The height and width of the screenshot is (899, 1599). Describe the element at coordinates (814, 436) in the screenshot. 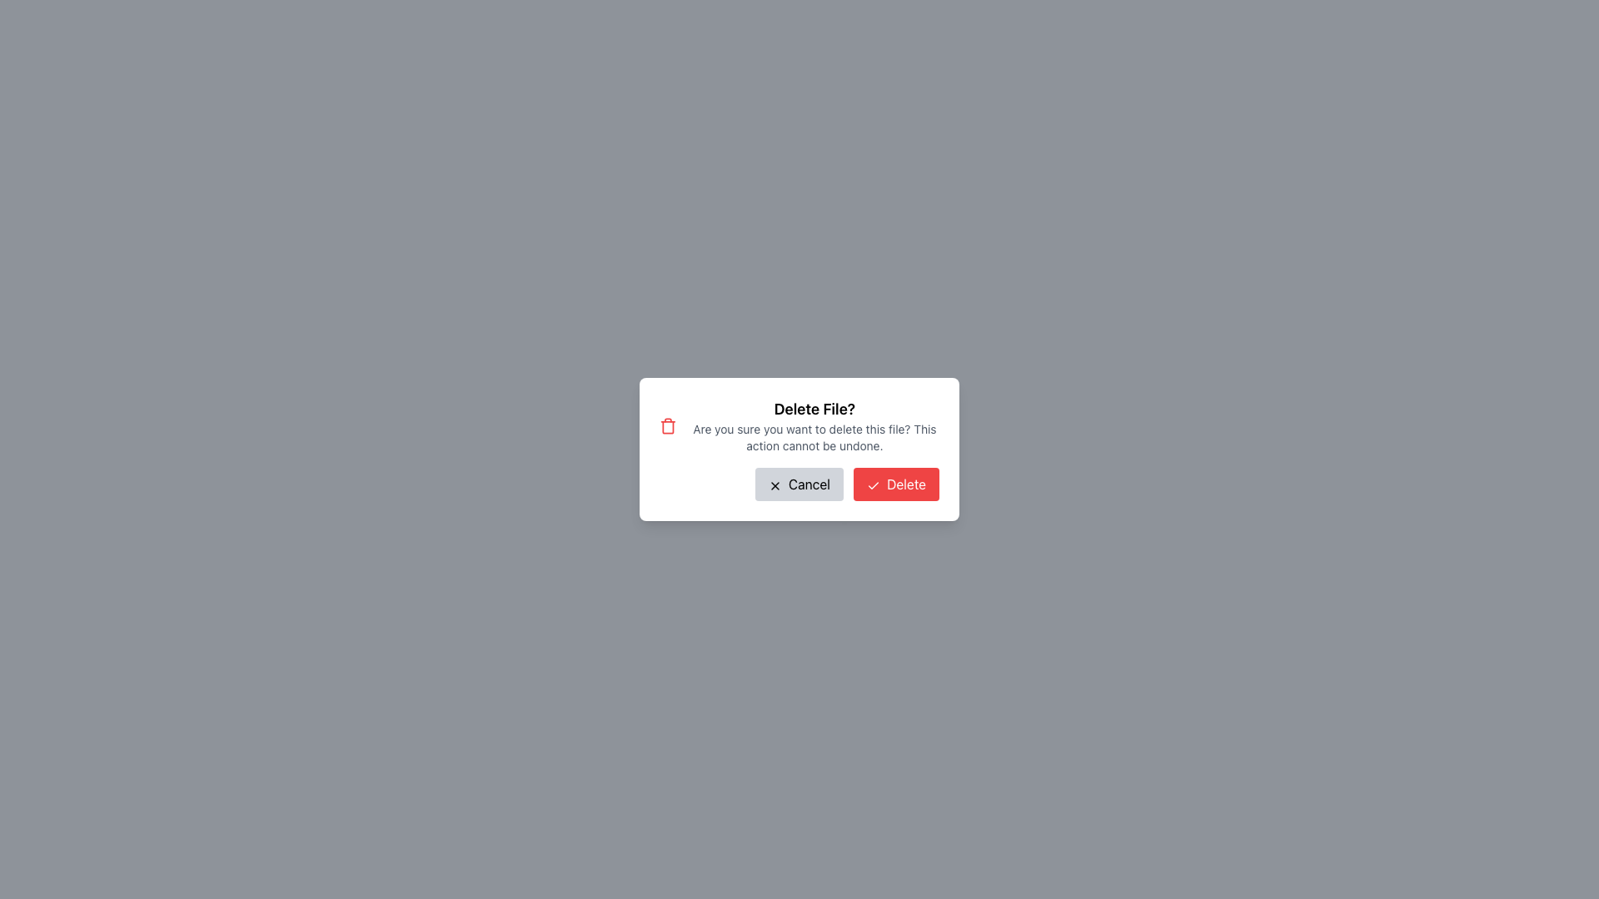

I see `the static text displaying the message 'Are you sure you want to delete this file? This action cannot be undone.' within the deletion confirmation dialog box` at that location.